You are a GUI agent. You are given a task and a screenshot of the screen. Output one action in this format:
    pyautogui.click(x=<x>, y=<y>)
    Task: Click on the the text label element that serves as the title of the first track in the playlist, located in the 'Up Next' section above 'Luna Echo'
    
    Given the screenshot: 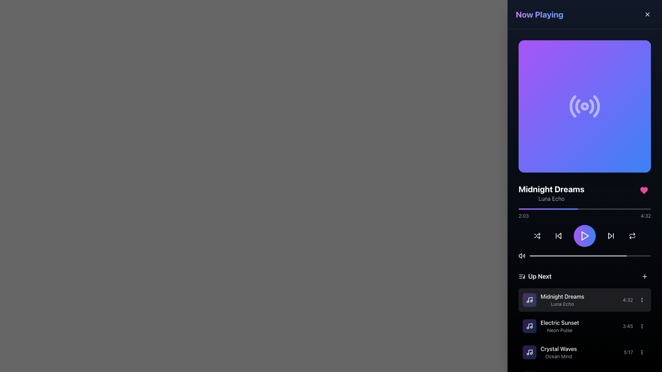 What is the action you would take?
    pyautogui.click(x=562, y=296)
    